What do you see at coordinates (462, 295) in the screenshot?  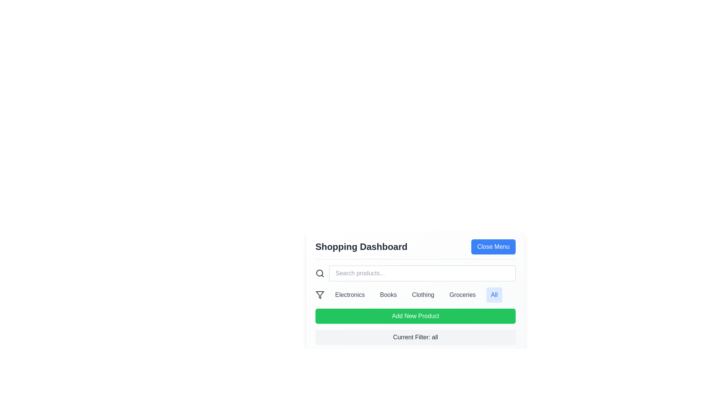 I see `the 'Groceries' filter button, which is the fourth button in the horizontal menu, located between 'Clothing' and 'All', to change its style` at bounding box center [462, 295].